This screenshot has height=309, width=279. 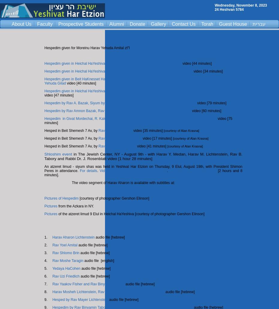 I want to click on '24 Heshvan 5784', so click(x=229, y=9).